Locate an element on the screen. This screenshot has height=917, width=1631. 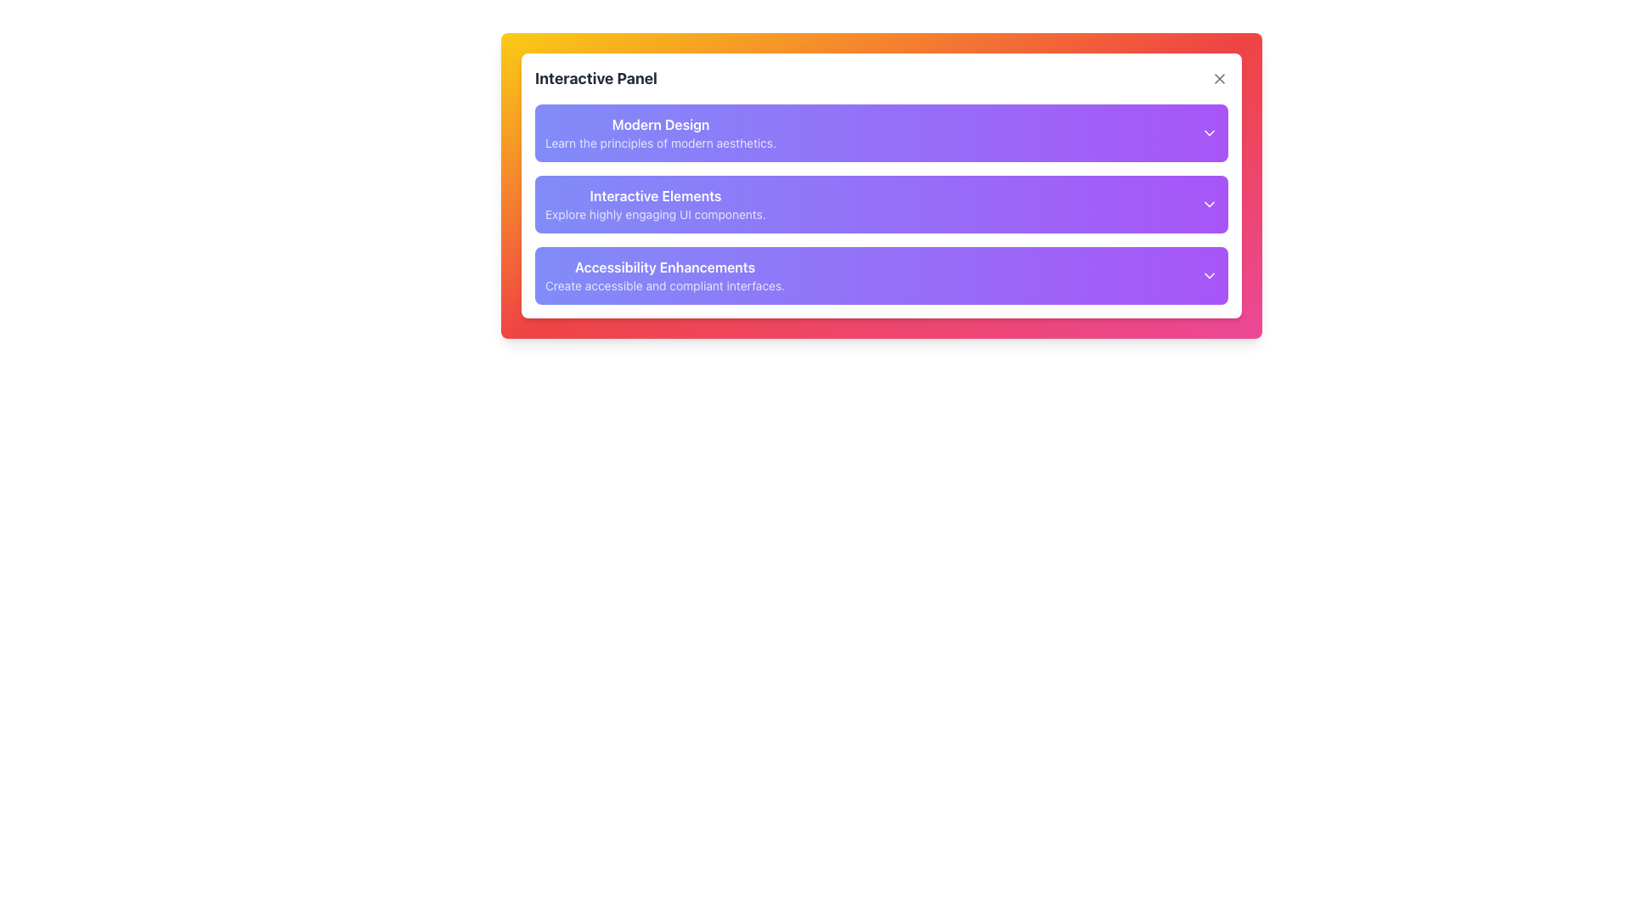
text label located at the bottom of the 'Interactive Panel', which serves as a heading for accessibility enhancements and is positioned above the text 'Create accessible and compliant interfaces.' is located at coordinates (664, 267).